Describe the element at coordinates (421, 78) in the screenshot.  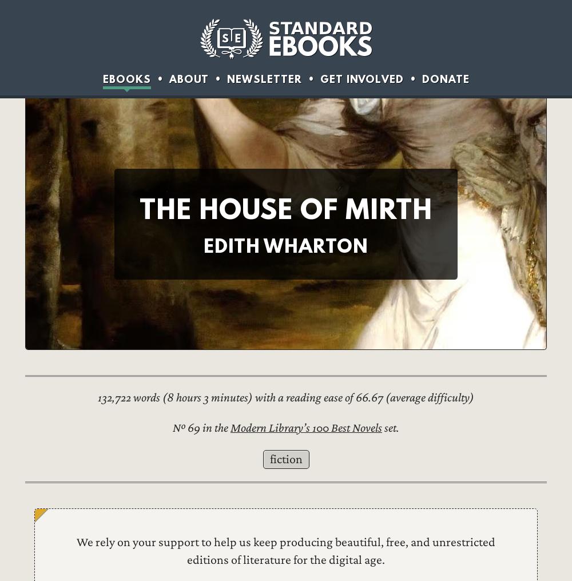
I see `'Donate'` at that location.